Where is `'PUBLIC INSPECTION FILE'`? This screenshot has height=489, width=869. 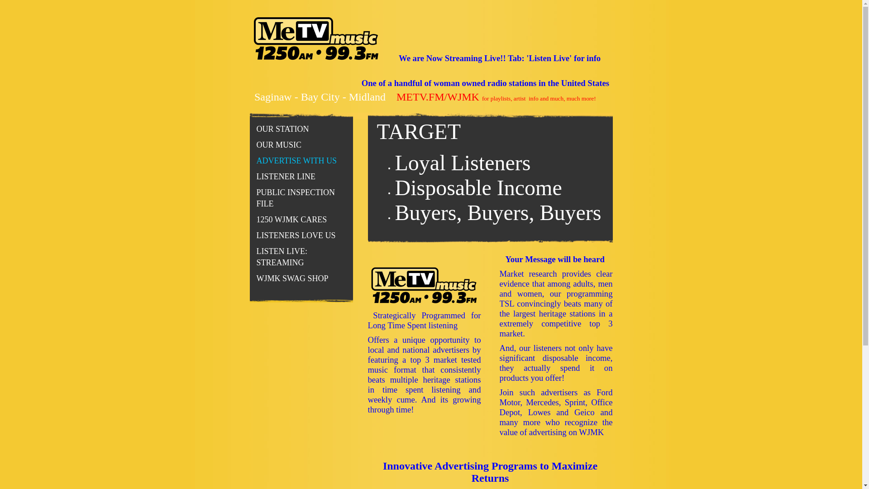
'PUBLIC INSPECTION FILE' is located at coordinates (301, 198).